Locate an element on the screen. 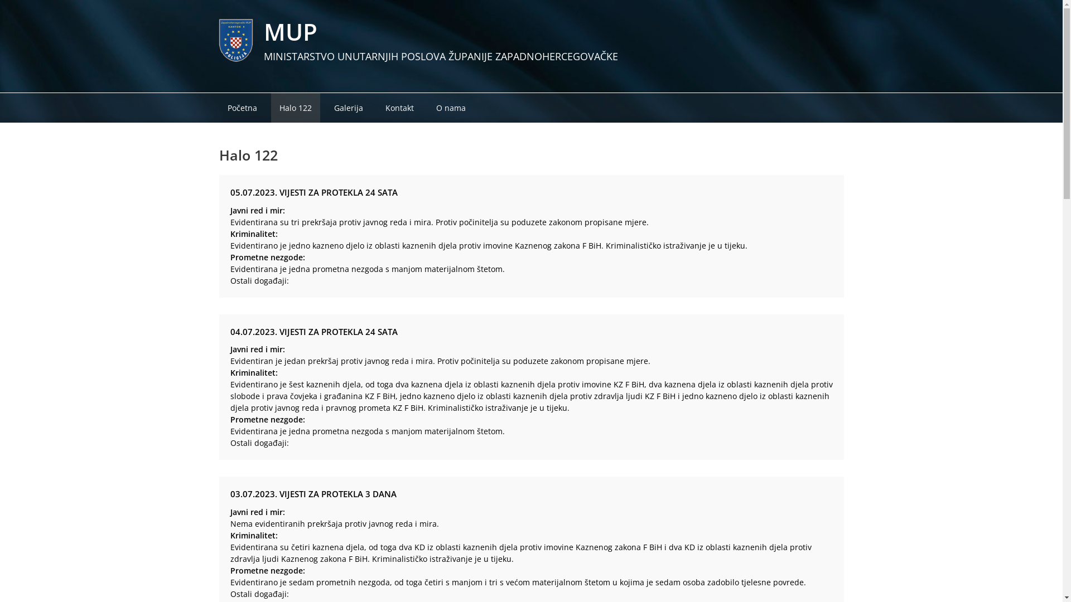 This screenshot has height=602, width=1071. 'Halo 122' is located at coordinates (271, 108).